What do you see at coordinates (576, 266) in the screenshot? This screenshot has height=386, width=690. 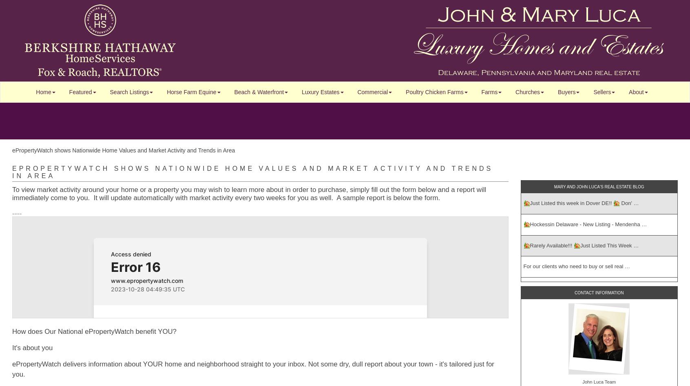 I see `'For our clients who need to buy or sell real  …'` at bounding box center [576, 266].